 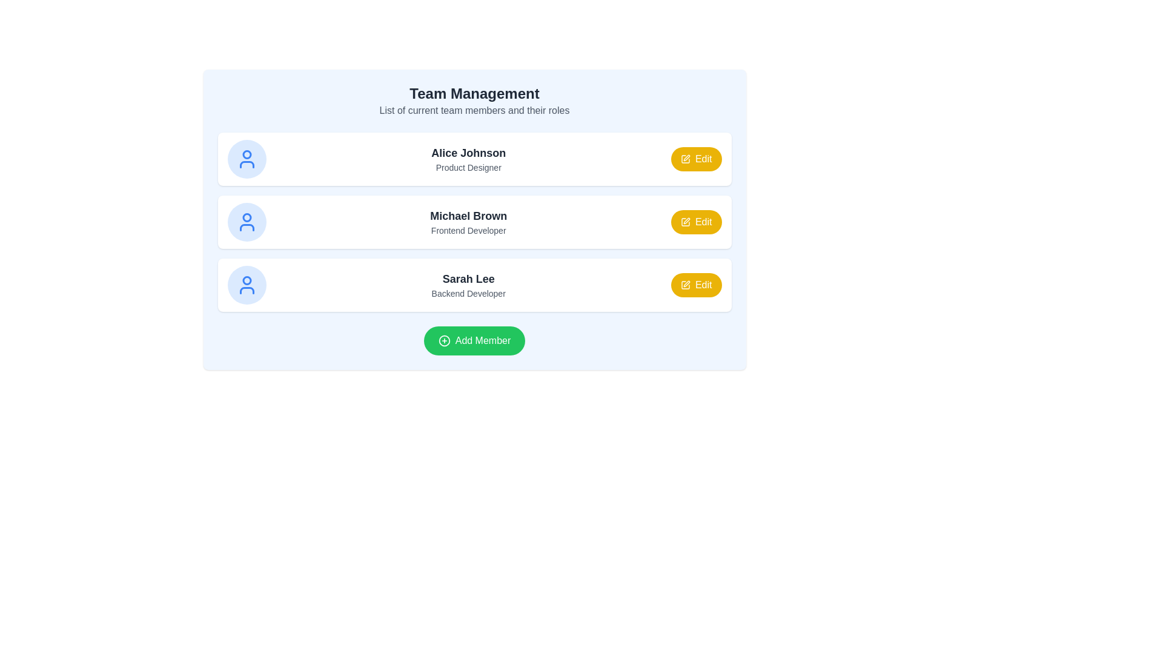 What do you see at coordinates (246, 280) in the screenshot?
I see `the decorative circle element inside the user icon for 'Sarah Lee', which is positioned in the third row of the list` at bounding box center [246, 280].